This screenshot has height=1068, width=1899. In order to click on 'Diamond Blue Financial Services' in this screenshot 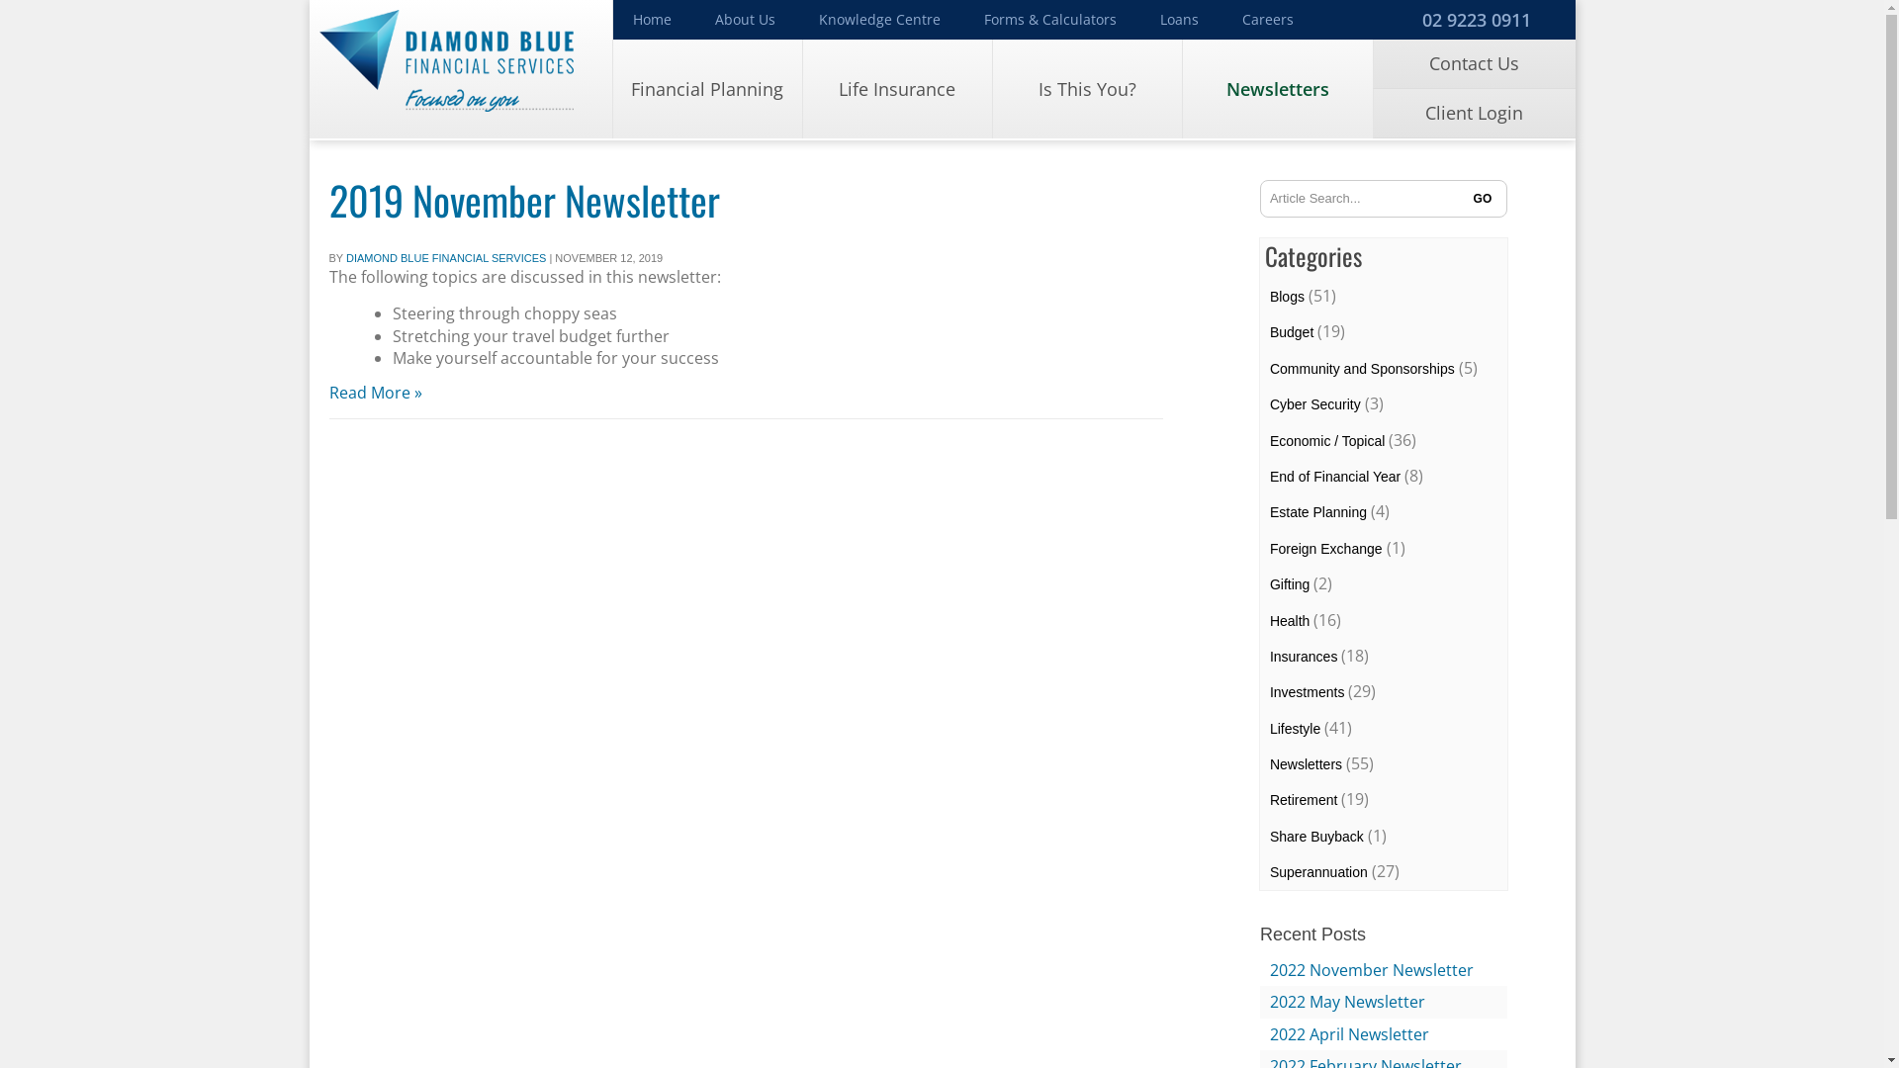, I will do `click(459, 67)`.